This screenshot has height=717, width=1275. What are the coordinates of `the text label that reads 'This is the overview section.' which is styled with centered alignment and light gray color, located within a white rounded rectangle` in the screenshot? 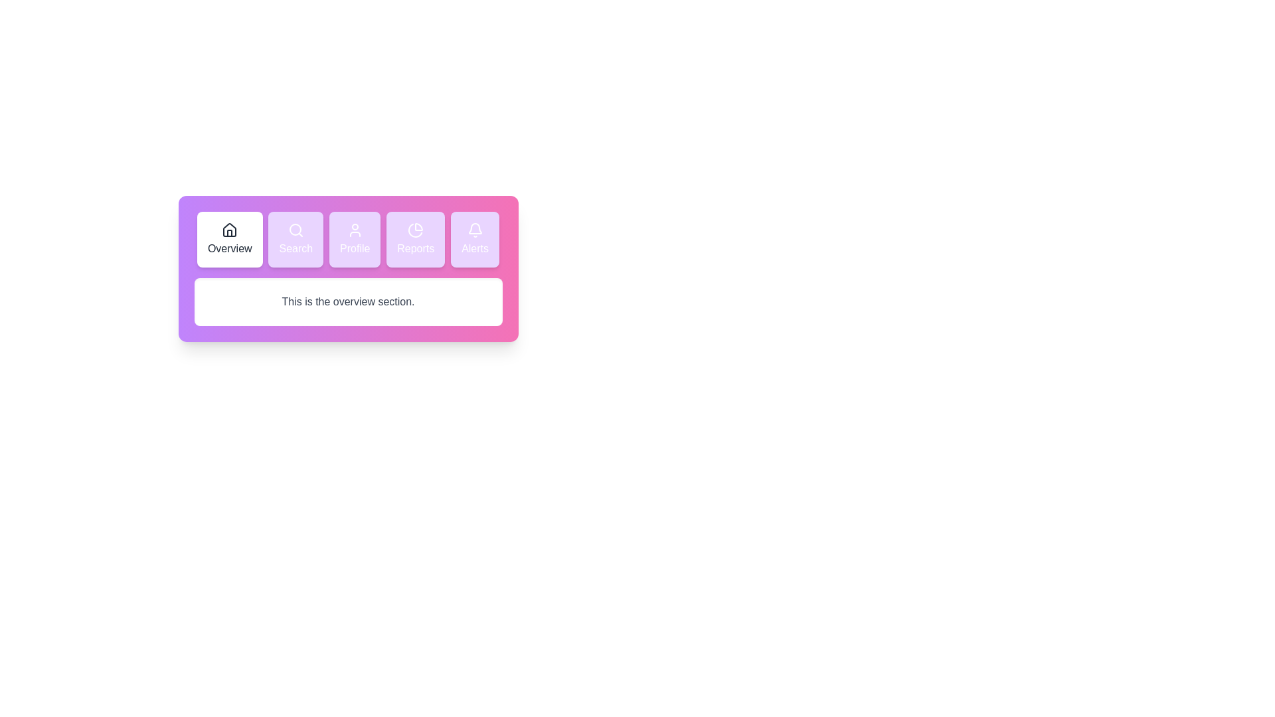 It's located at (348, 302).